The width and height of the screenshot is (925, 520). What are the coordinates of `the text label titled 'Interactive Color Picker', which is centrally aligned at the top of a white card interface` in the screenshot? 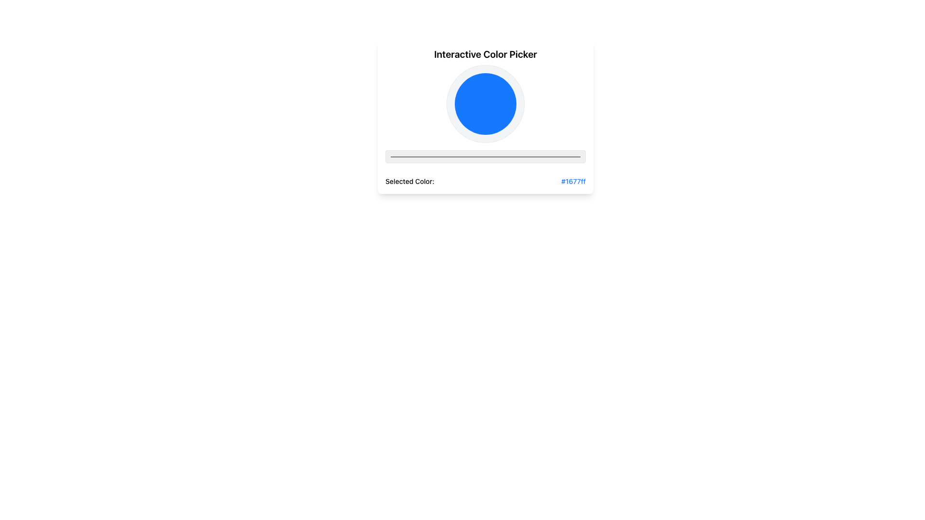 It's located at (486, 54).